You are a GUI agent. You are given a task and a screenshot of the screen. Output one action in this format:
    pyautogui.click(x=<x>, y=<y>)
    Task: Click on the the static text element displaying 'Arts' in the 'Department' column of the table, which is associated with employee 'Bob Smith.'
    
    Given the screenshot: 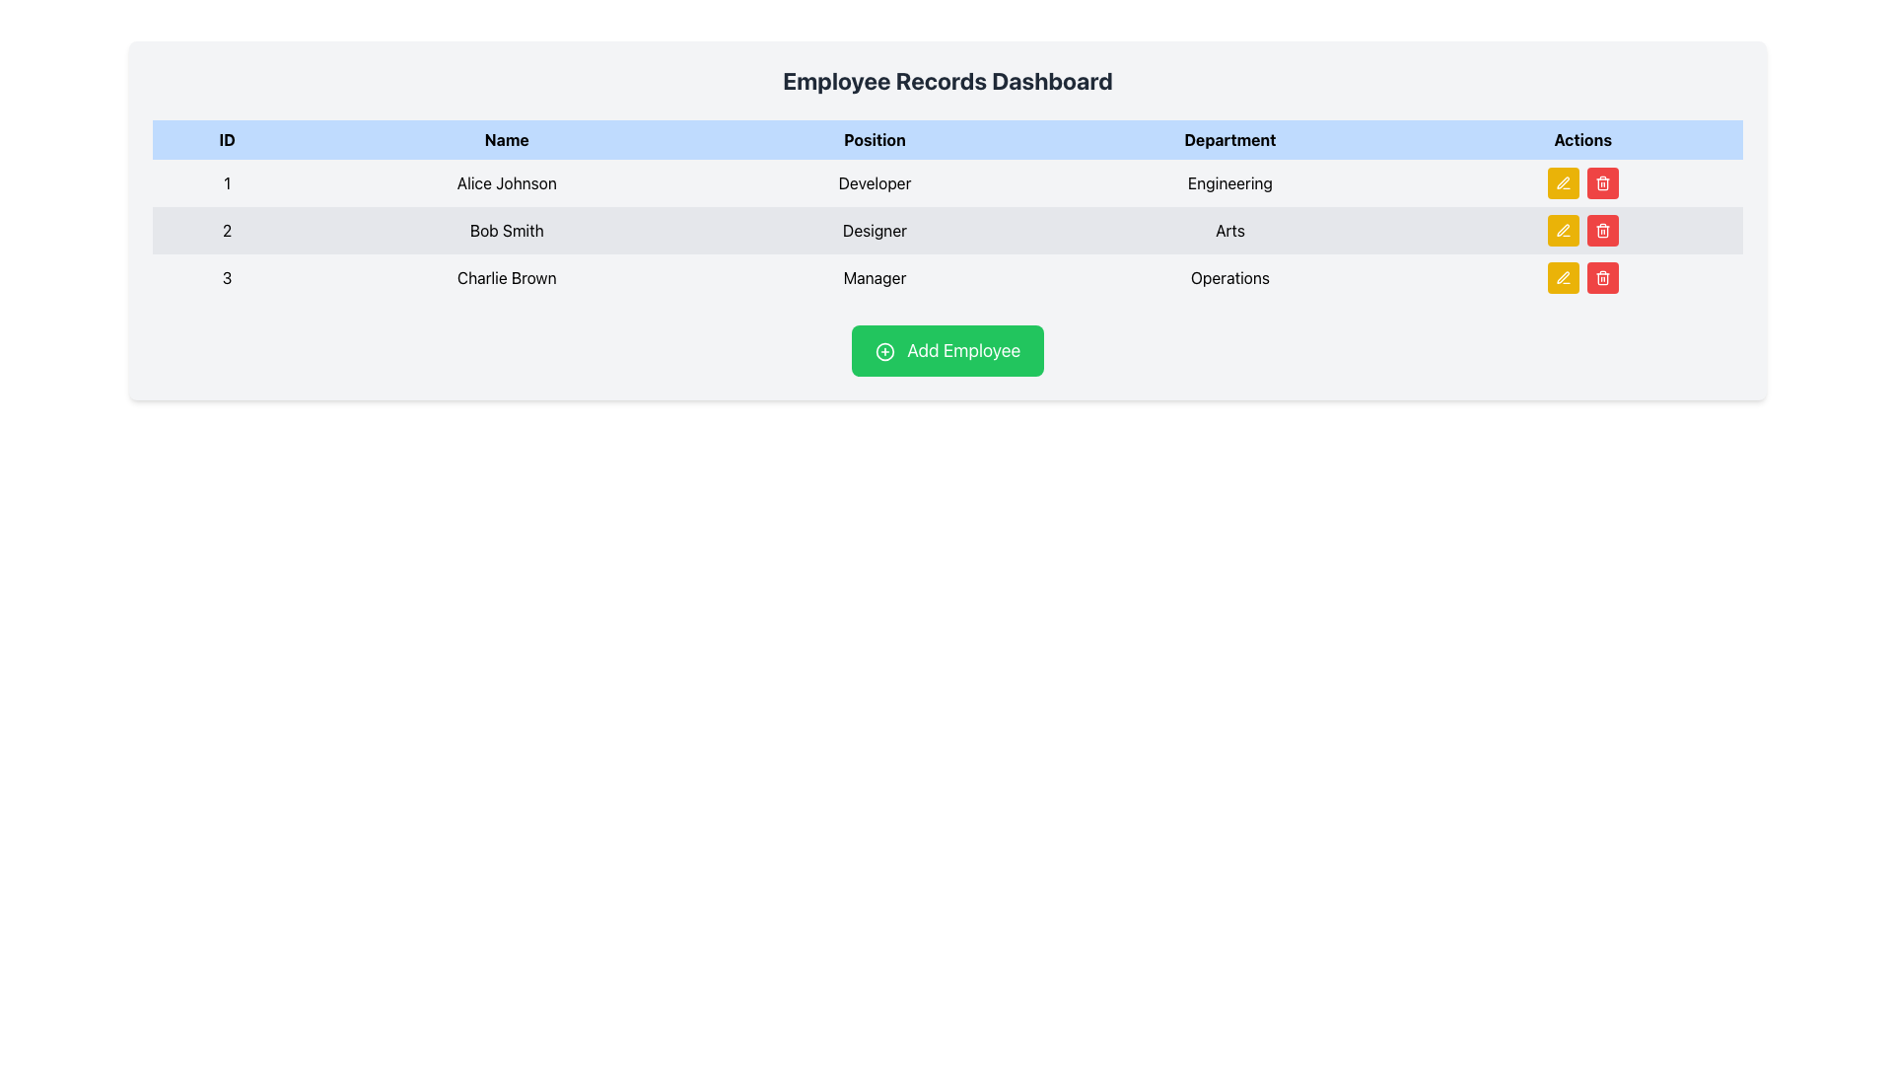 What is the action you would take?
    pyautogui.click(x=1229, y=230)
    